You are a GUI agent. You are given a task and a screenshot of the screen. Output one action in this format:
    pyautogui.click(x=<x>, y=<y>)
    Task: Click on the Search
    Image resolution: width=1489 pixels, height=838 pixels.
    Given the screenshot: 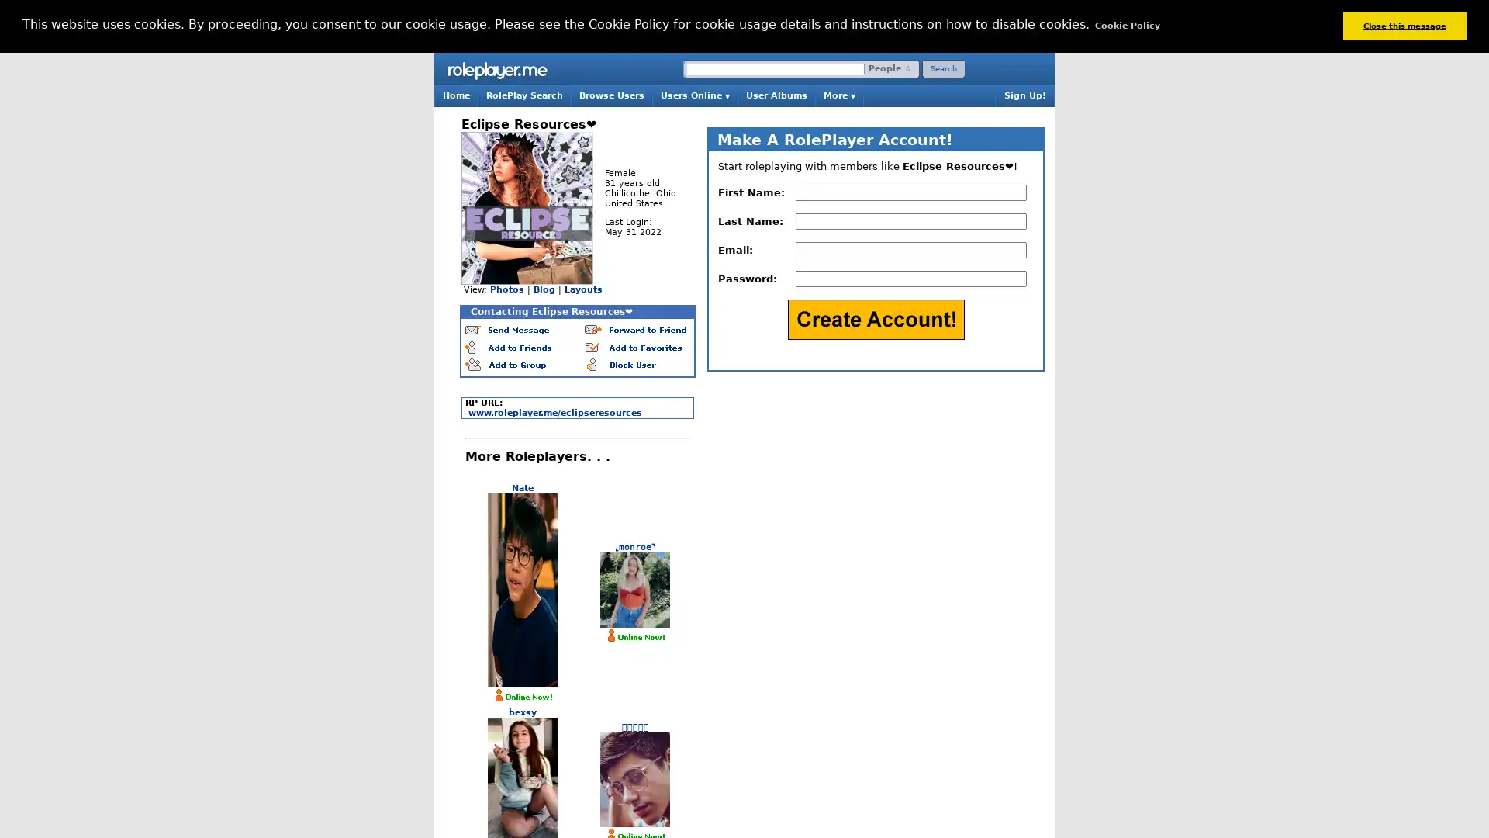 What is the action you would take?
    pyautogui.click(x=943, y=68)
    